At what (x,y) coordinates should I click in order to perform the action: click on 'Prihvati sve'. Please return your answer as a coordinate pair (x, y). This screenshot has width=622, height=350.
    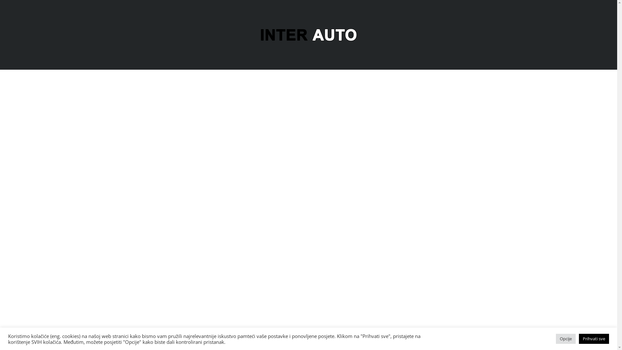
    Looking at the image, I should click on (594, 338).